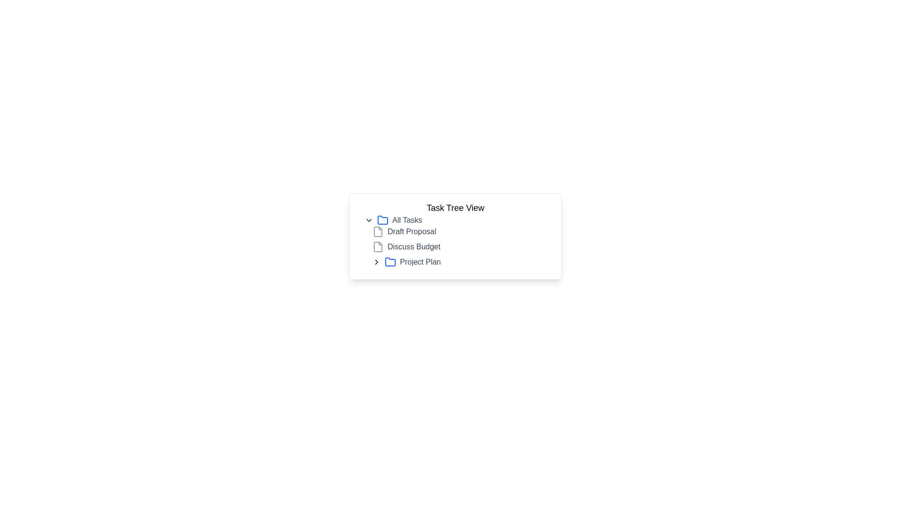  What do you see at coordinates (378, 247) in the screenshot?
I see `the file icon representing the 'Discuss Budget' task in the Task Tree View, which is the third item in the list` at bounding box center [378, 247].